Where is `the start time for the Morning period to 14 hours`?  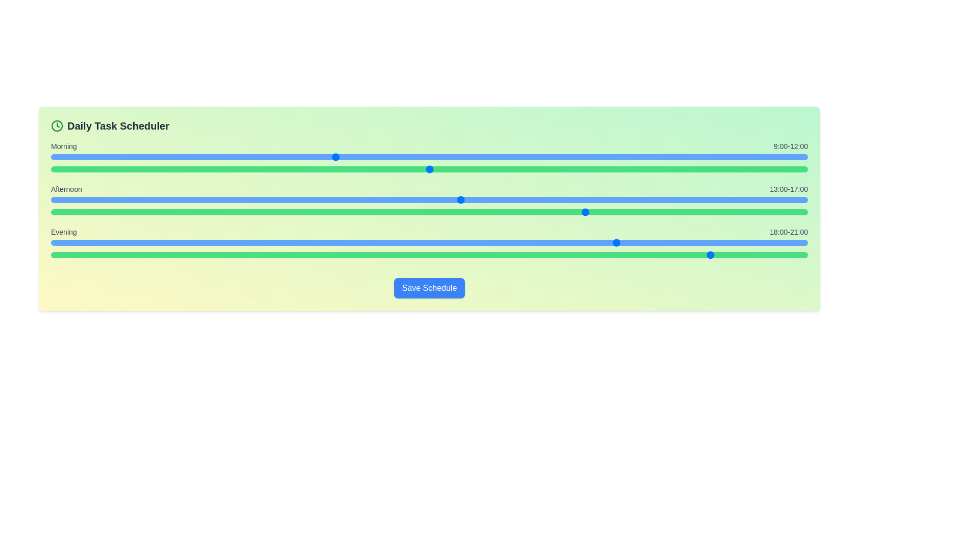
the start time for the Morning period to 14 hours is located at coordinates (492, 157).